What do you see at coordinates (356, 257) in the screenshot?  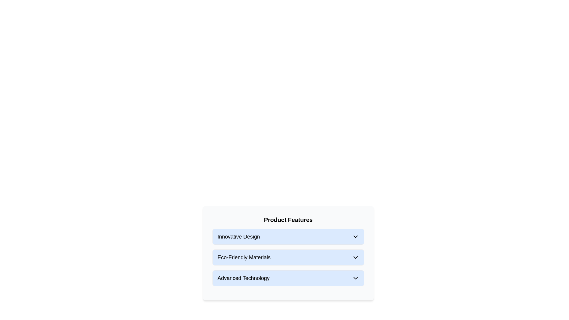 I see `the downward-pointing chevron icon next to the 'Eco-Friendly Materials' text` at bounding box center [356, 257].